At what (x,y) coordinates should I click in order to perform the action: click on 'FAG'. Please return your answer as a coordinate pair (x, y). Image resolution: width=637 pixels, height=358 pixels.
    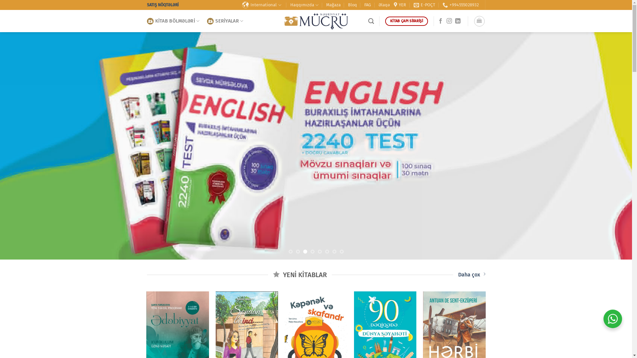
    Looking at the image, I should click on (367, 5).